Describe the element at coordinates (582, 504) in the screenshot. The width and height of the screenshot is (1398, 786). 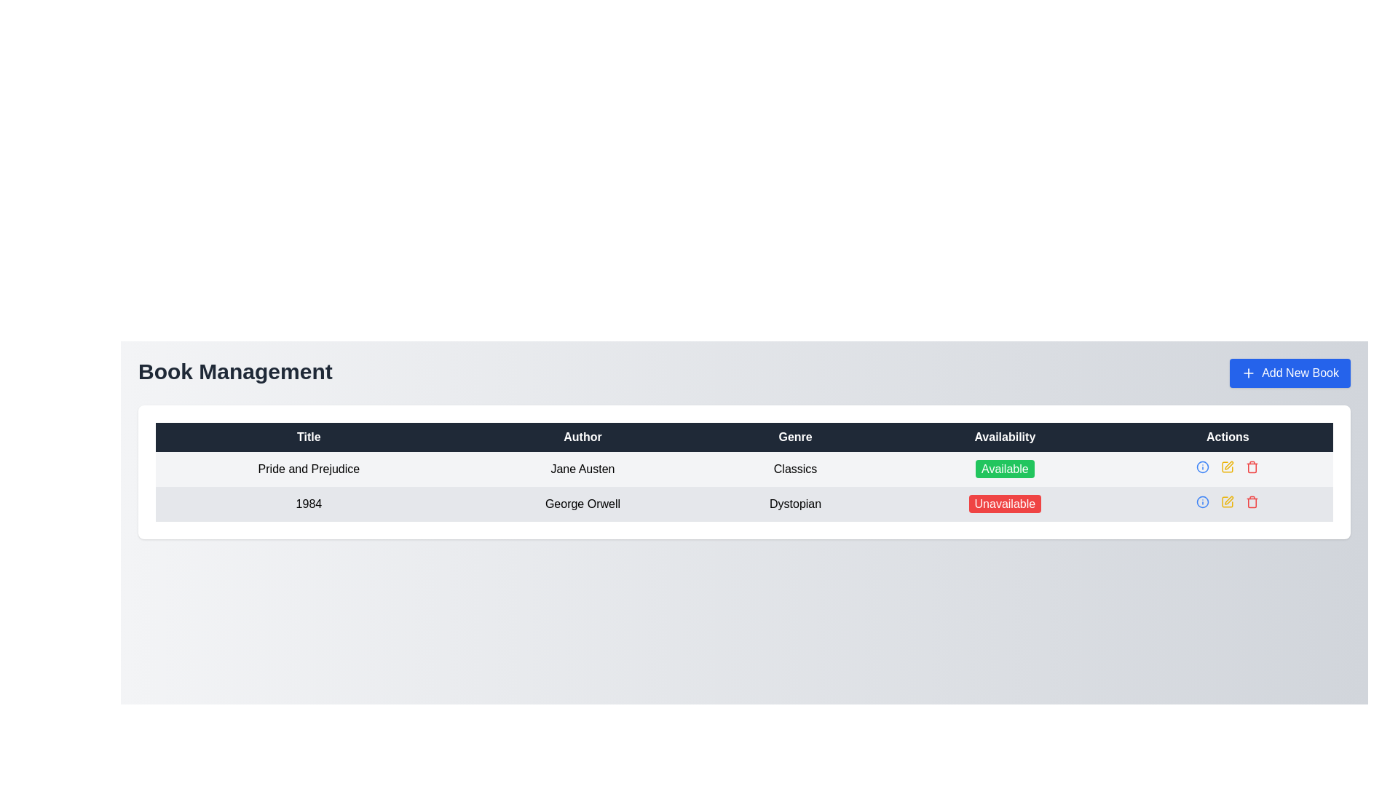
I see `the Text Label displaying the author's name, George Orwell, located in the second cell of the row labeled '1984' in the 'Author' column of the table` at that location.